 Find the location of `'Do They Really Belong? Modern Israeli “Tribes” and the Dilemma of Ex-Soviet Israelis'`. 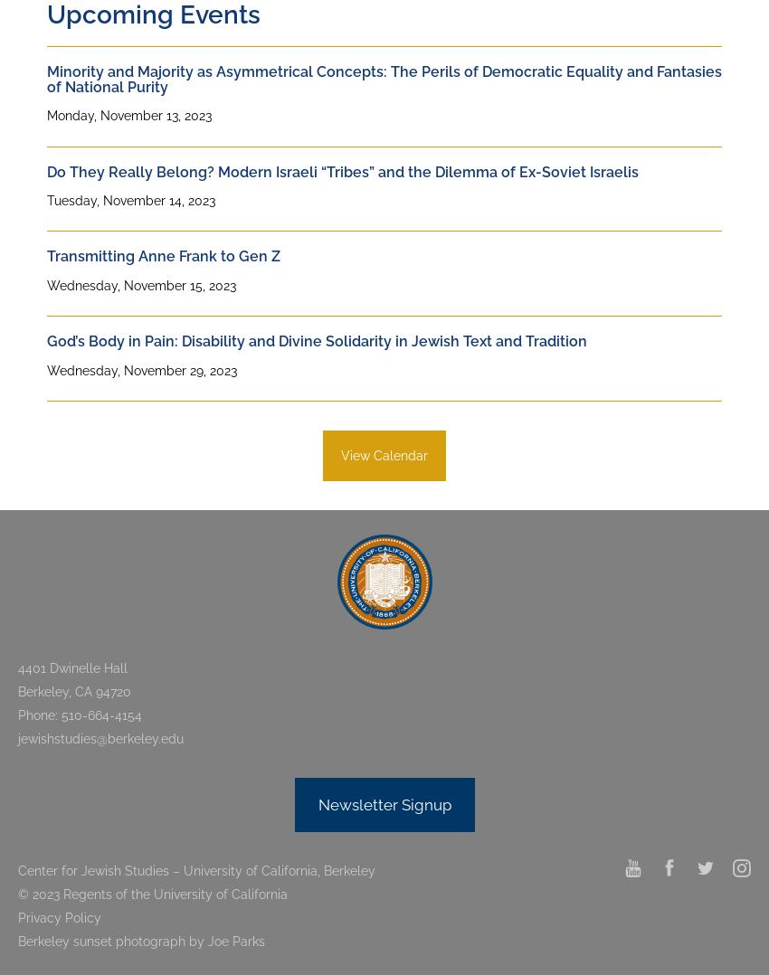

'Do They Really Belong? Modern Israeli “Tribes” and the Dilemma of Ex-Soviet Israelis' is located at coordinates (342, 170).